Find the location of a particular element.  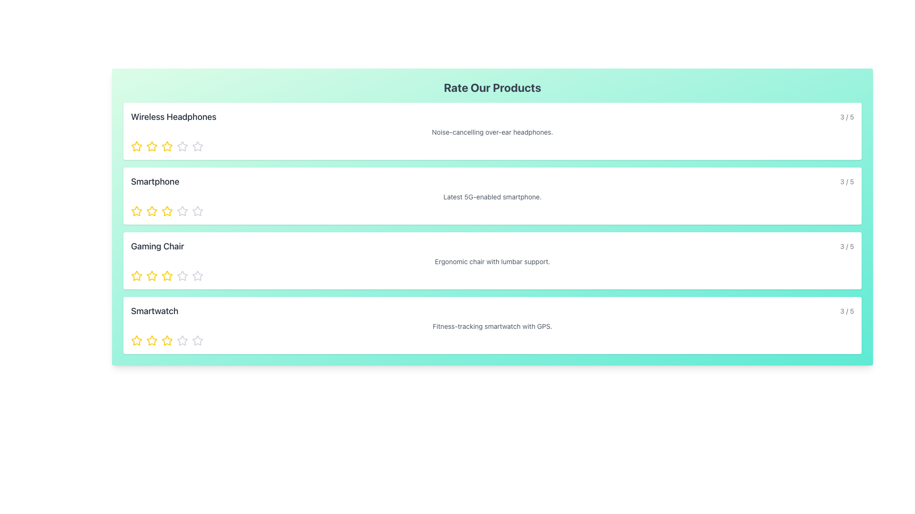

the fifth star in the row of stars to rate the 'Smartwatch' item is located at coordinates (197, 340).